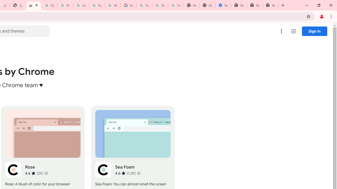  Describe the element at coordinates (281, 31) in the screenshot. I see `'More options menu'` at that location.